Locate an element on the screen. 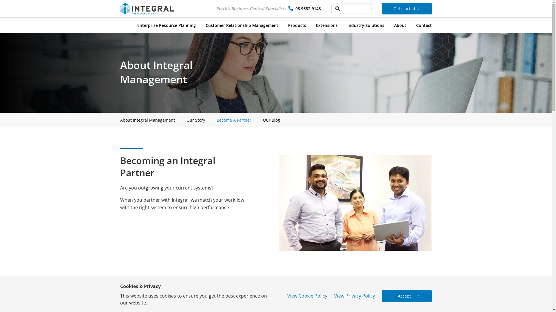 This screenshot has height=312, width=556. 'View Privacy Policy' is located at coordinates (354, 296).